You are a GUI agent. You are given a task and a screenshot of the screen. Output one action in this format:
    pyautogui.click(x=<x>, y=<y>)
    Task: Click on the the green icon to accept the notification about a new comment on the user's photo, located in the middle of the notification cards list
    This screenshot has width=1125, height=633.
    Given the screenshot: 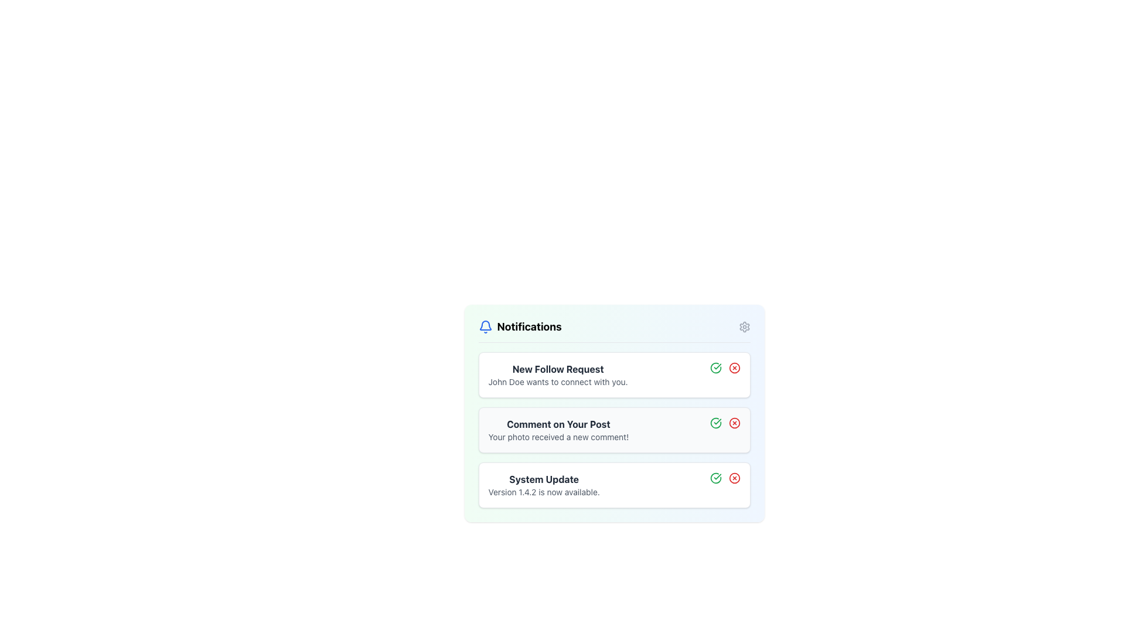 What is the action you would take?
    pyautogui.click(x=613, y=430)
    